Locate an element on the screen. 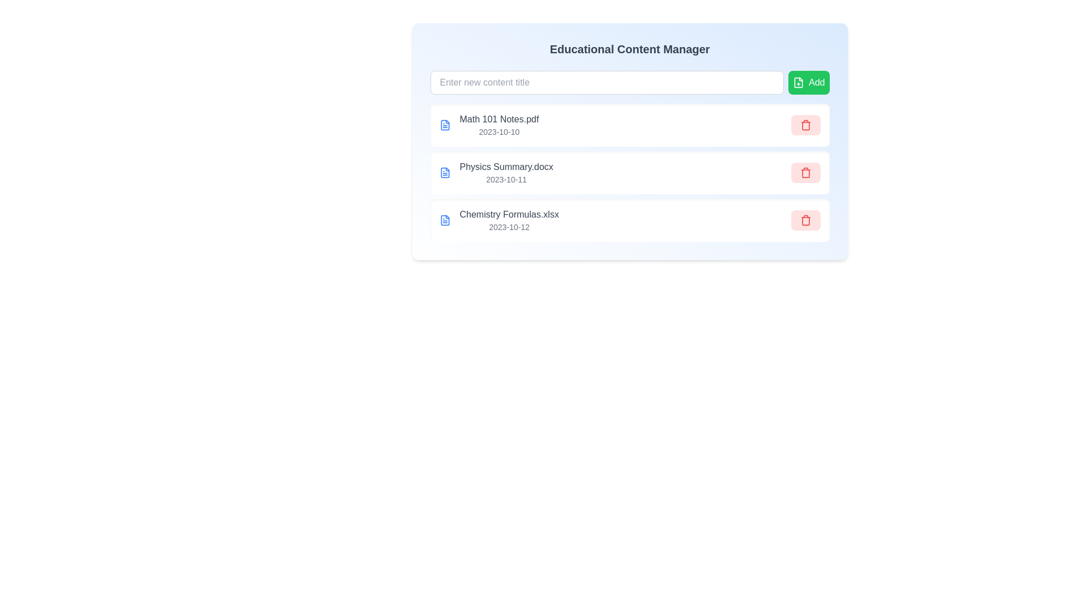  the static text label displaying the date '2023-10-12', which is styled in a smaller gray font and located directly below 'Chemistry Formulas.xlsx' in the third row of the list is located at coordinates (508, 227).